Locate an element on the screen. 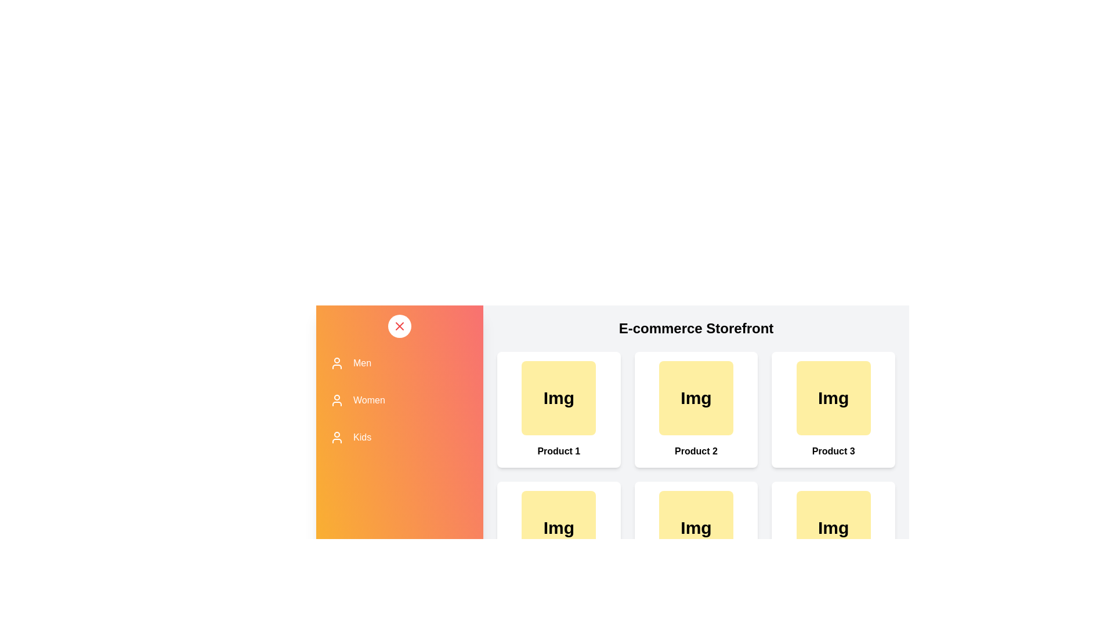 The height and width of the screenshot is (626, 1114). toggle button to toggle the drawer open or closed is located at coordinates (400, 326).